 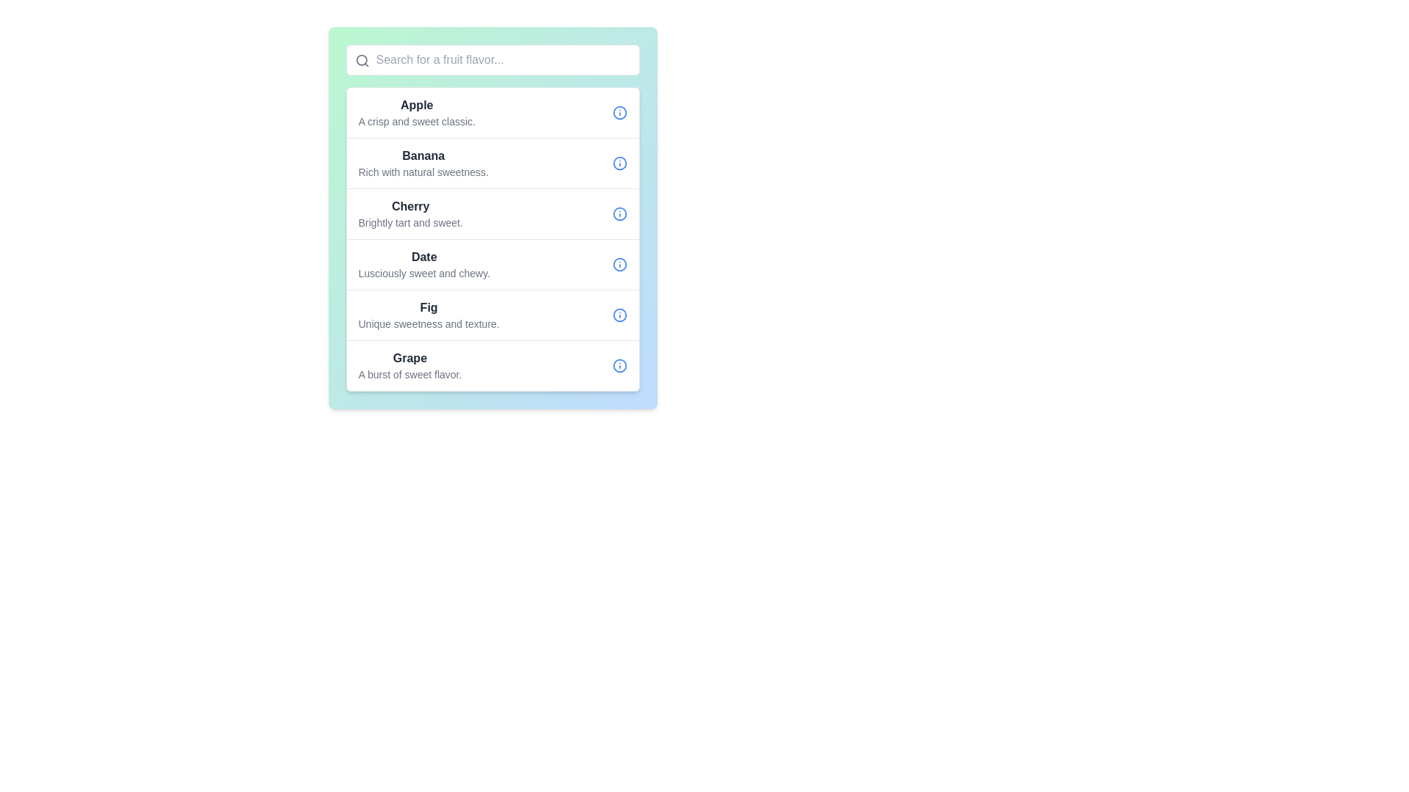 What do you see at coordinates (492, 218) in the screenshot?
I see `to select the List Item conveying information about 'Cherry', which is the third item in the vertically stacked list` at bounding box center [492, 218].